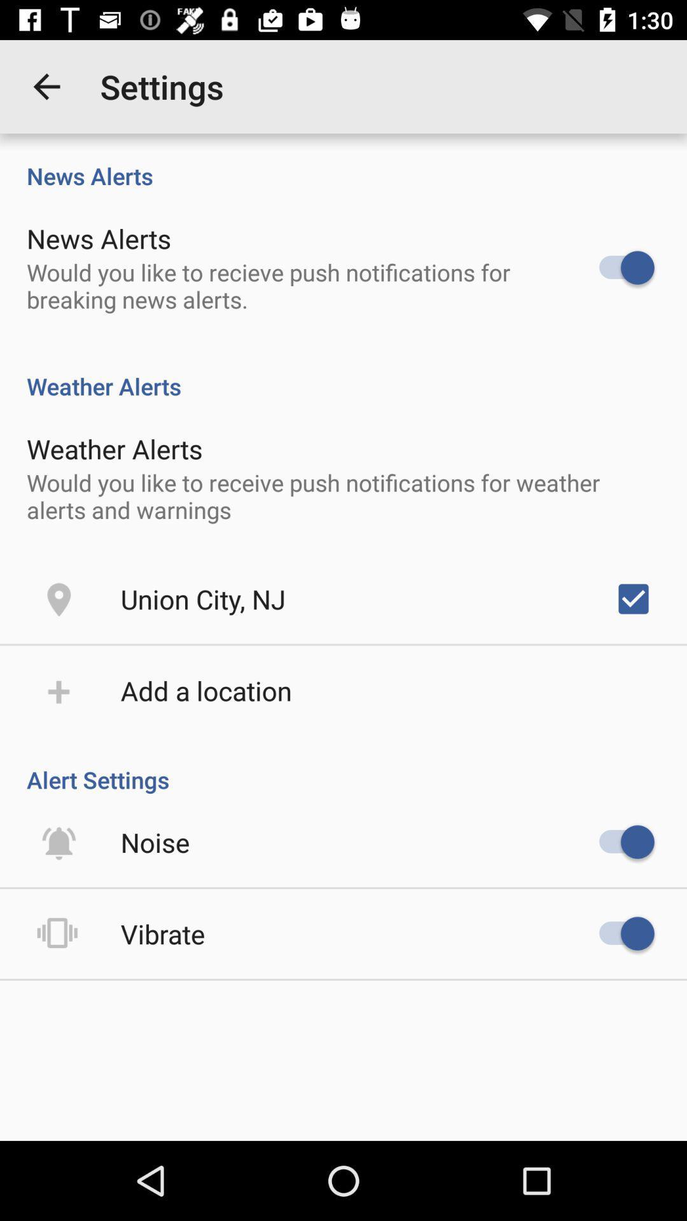 This screenshot has height=1221, width=687. What do you see at coordinates (155, 842) in the screenshot?
I see `the item below alert settings item` at bounding box center [155, 842].